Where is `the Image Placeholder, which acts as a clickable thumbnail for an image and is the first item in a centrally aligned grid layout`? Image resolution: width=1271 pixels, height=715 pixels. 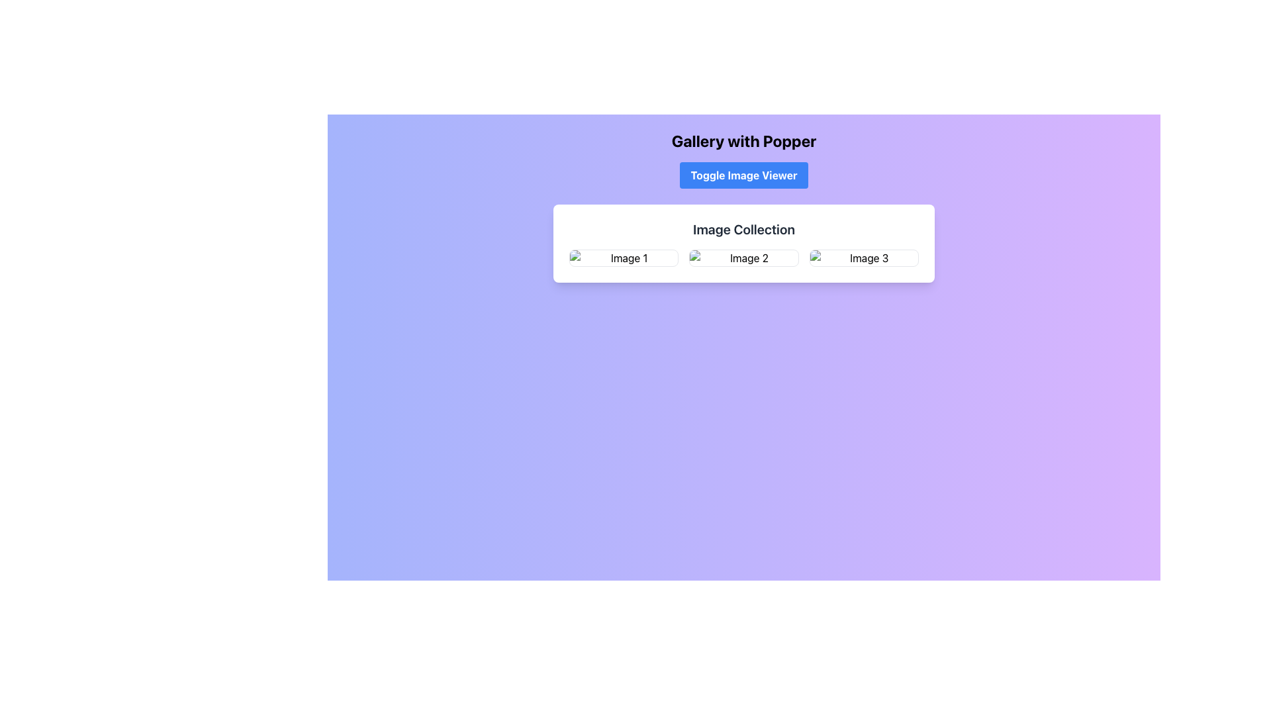 the Image Placeholder, which acts as a clickable thumbnail for an image and is the first item in a centrally aligned grid layout is located at coordinates (623, 258).